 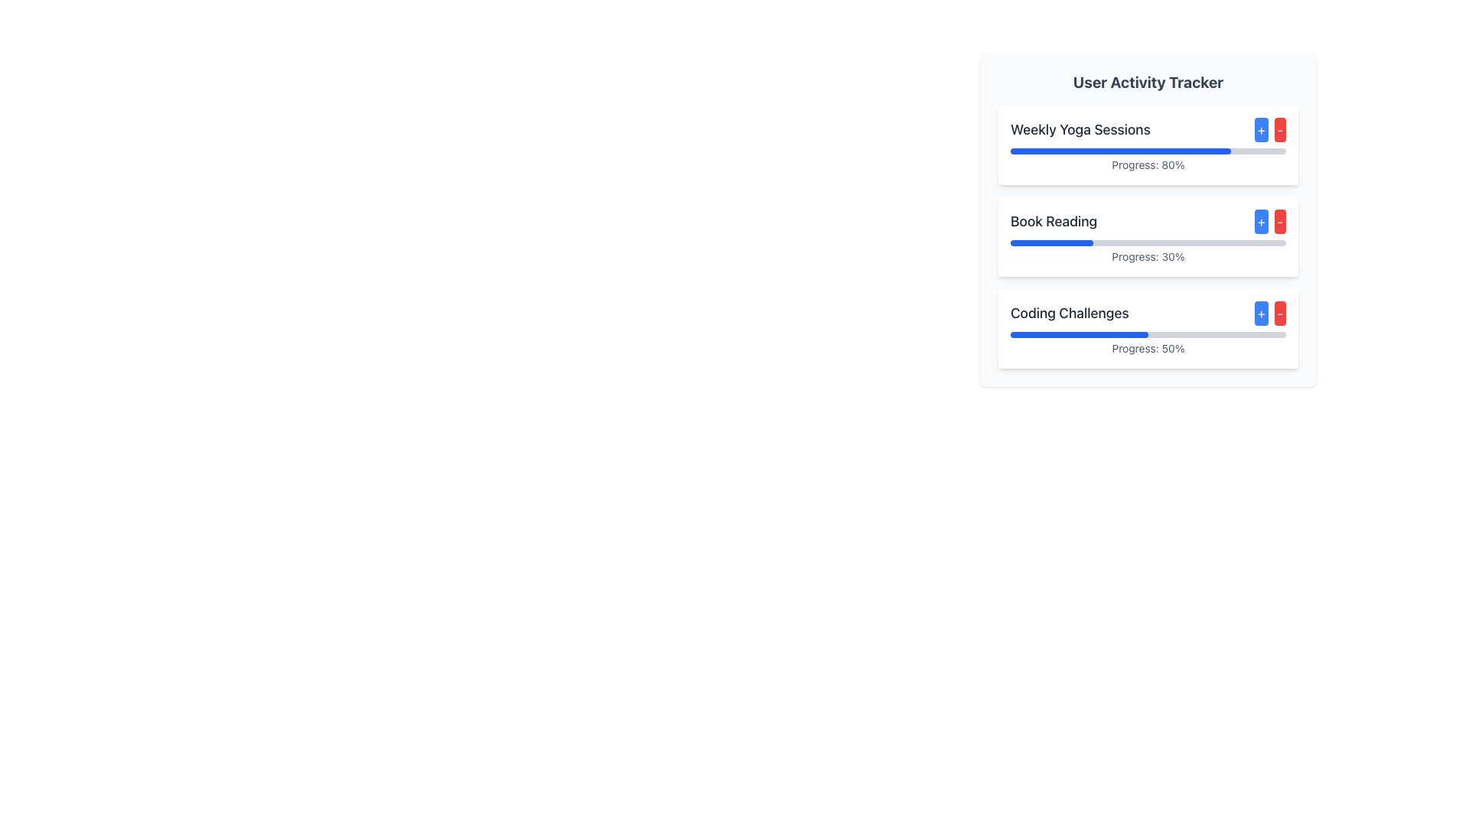 What do you see at coordinates (1053, 221) in the screenshot?
I see `the text label that serves as the title for the 'Book Reading' activity within the 'User Activity Tracker' card` at bounding box center [1053, 221].